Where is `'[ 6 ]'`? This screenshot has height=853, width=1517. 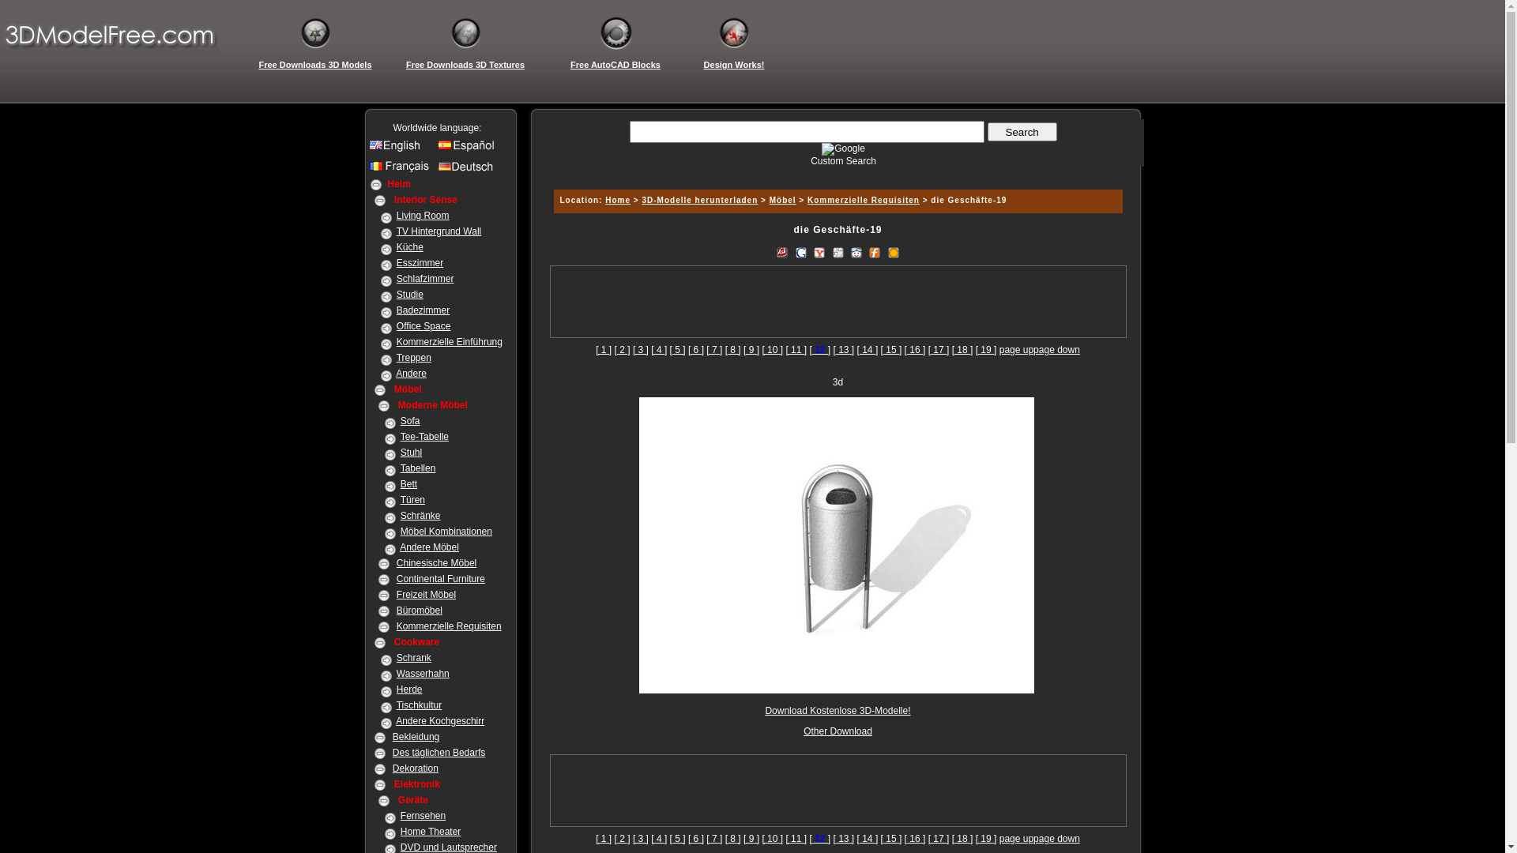 '[ 6 ]' is located at coordinates (695, 349).